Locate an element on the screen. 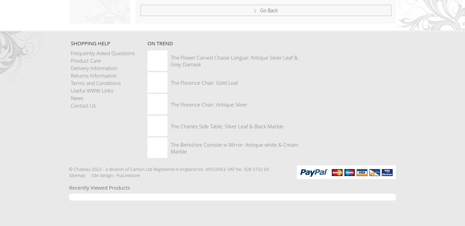 The width and height of the screenshot is (465, 226). 'The Florence Chair: Antique Silver' is located at coordinates (208, 104).